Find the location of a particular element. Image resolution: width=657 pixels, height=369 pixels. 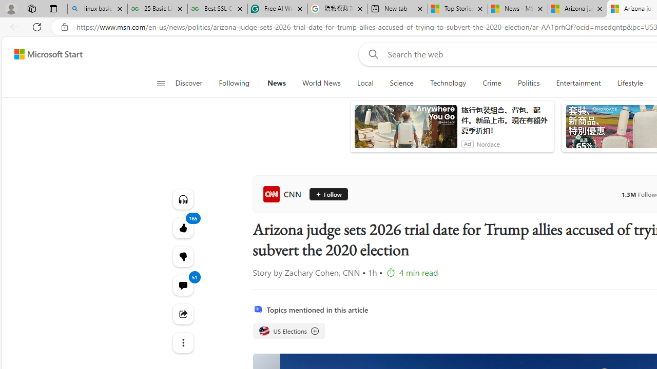

'US Elections' is located at coordinates (264, 331).